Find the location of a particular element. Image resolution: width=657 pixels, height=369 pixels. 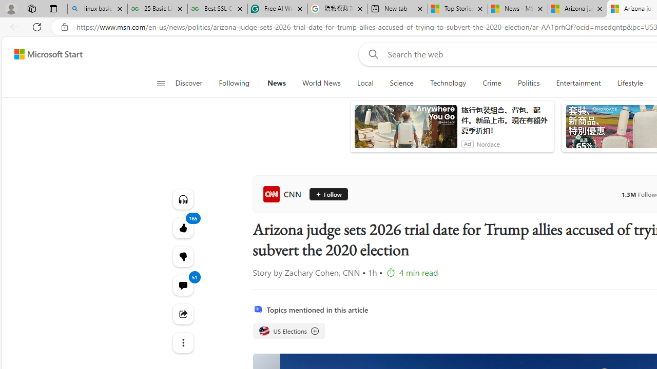

'US Elections' is located at coordinates (264, 331).